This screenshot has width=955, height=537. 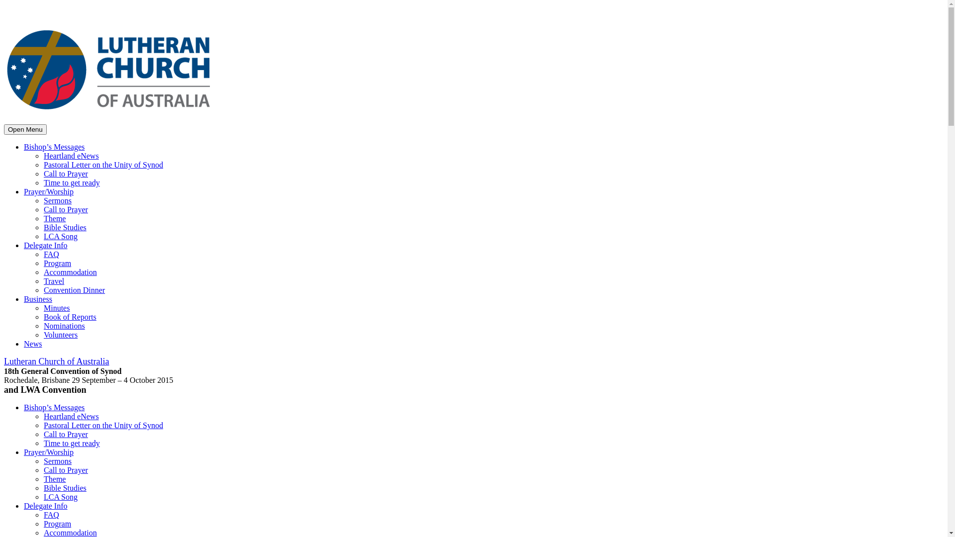 I want to click on 'LCA Song', so click(x=60, y=497).